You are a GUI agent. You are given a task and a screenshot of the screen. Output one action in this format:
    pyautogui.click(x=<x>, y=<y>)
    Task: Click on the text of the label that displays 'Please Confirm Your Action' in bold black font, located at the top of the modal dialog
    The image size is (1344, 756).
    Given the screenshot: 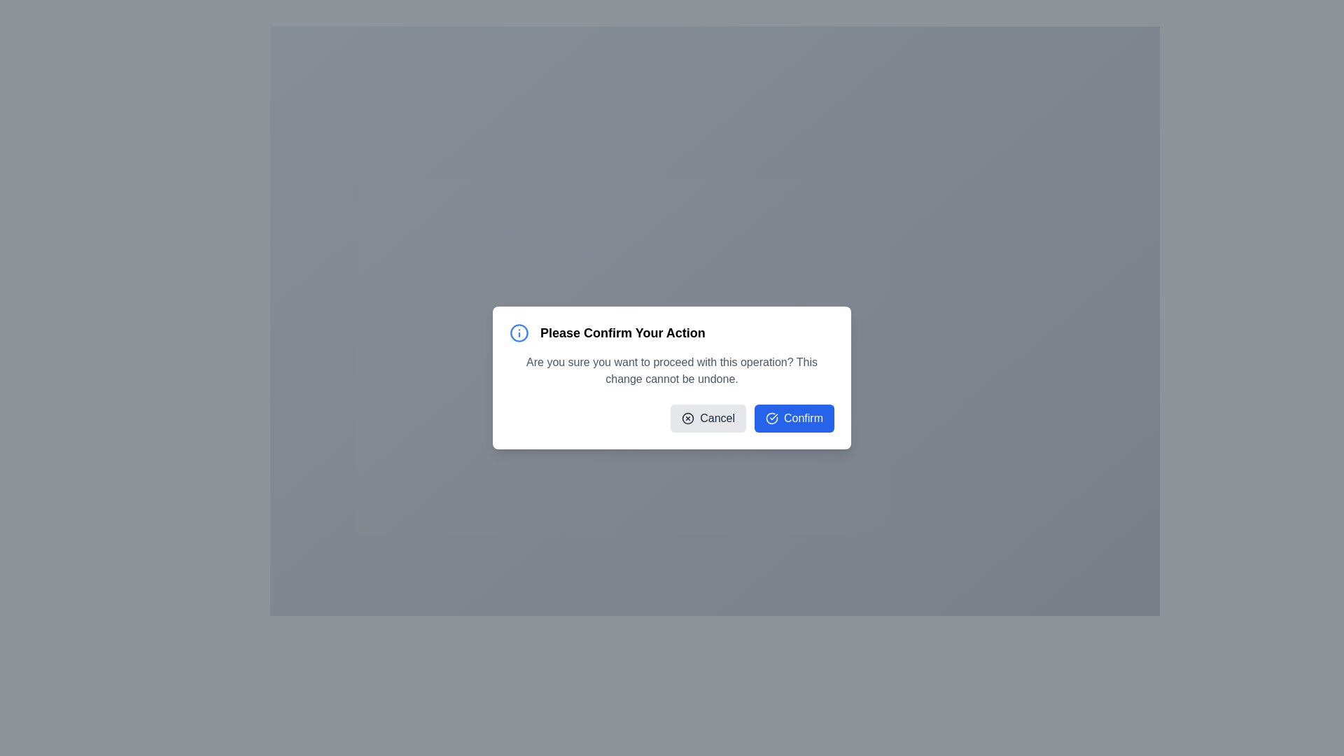 What is the action you would take?
    pyautogui.click(x=672, y=332)
    